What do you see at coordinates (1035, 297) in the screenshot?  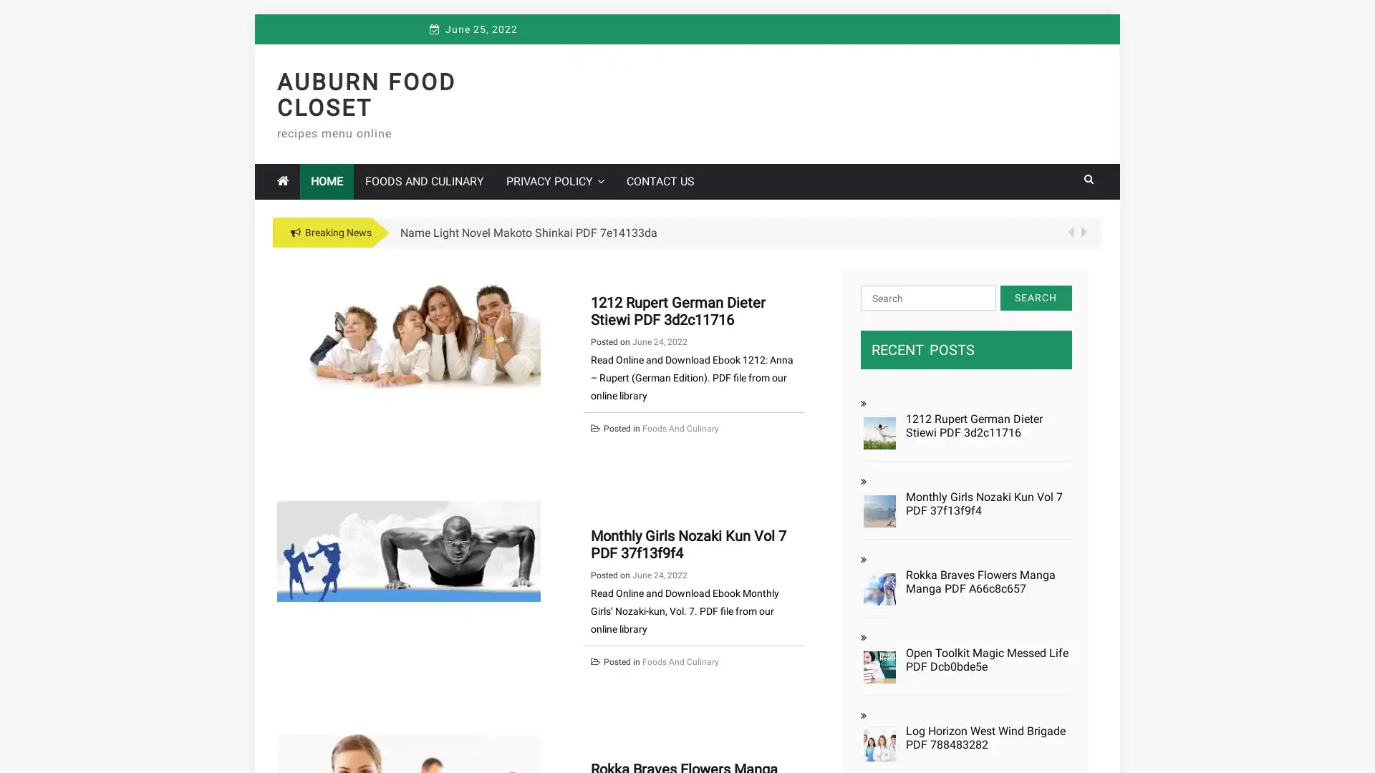 I see `Search` at bounding box center [1035, 297].